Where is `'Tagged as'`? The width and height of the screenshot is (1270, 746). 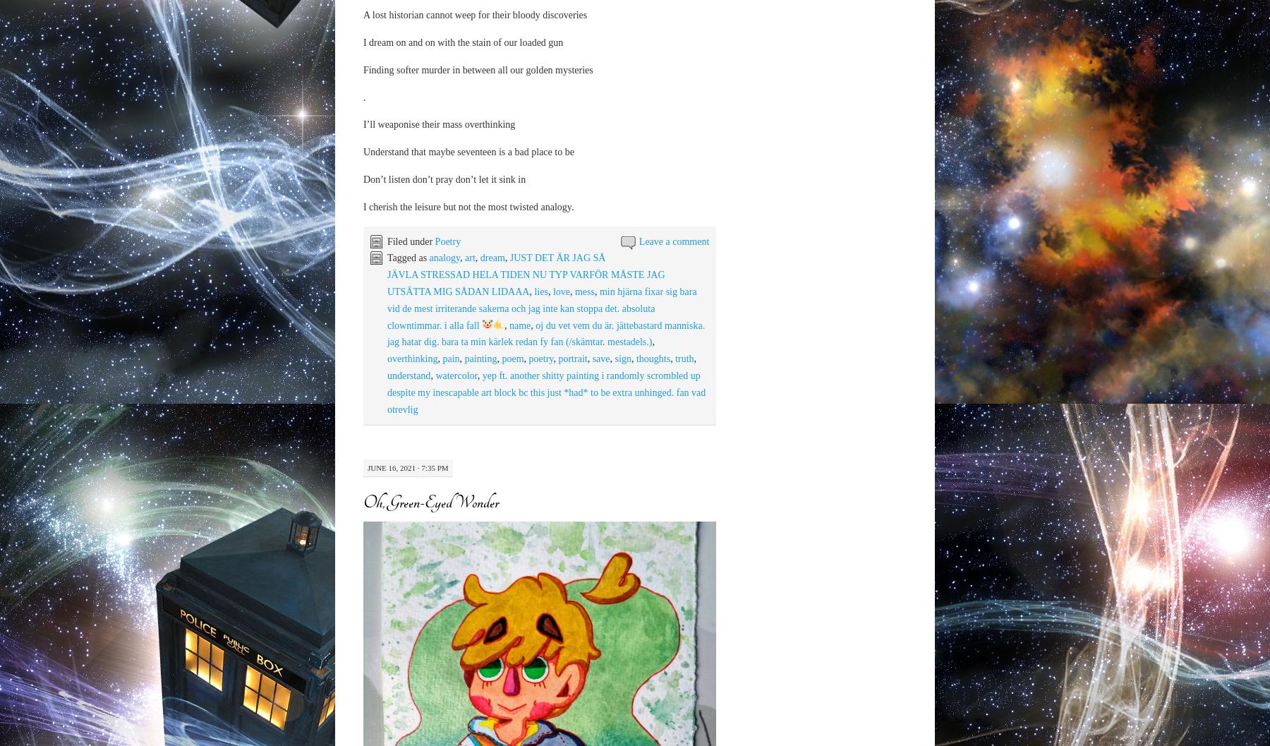
'Tagged as' is located at coordinates (385, 258).